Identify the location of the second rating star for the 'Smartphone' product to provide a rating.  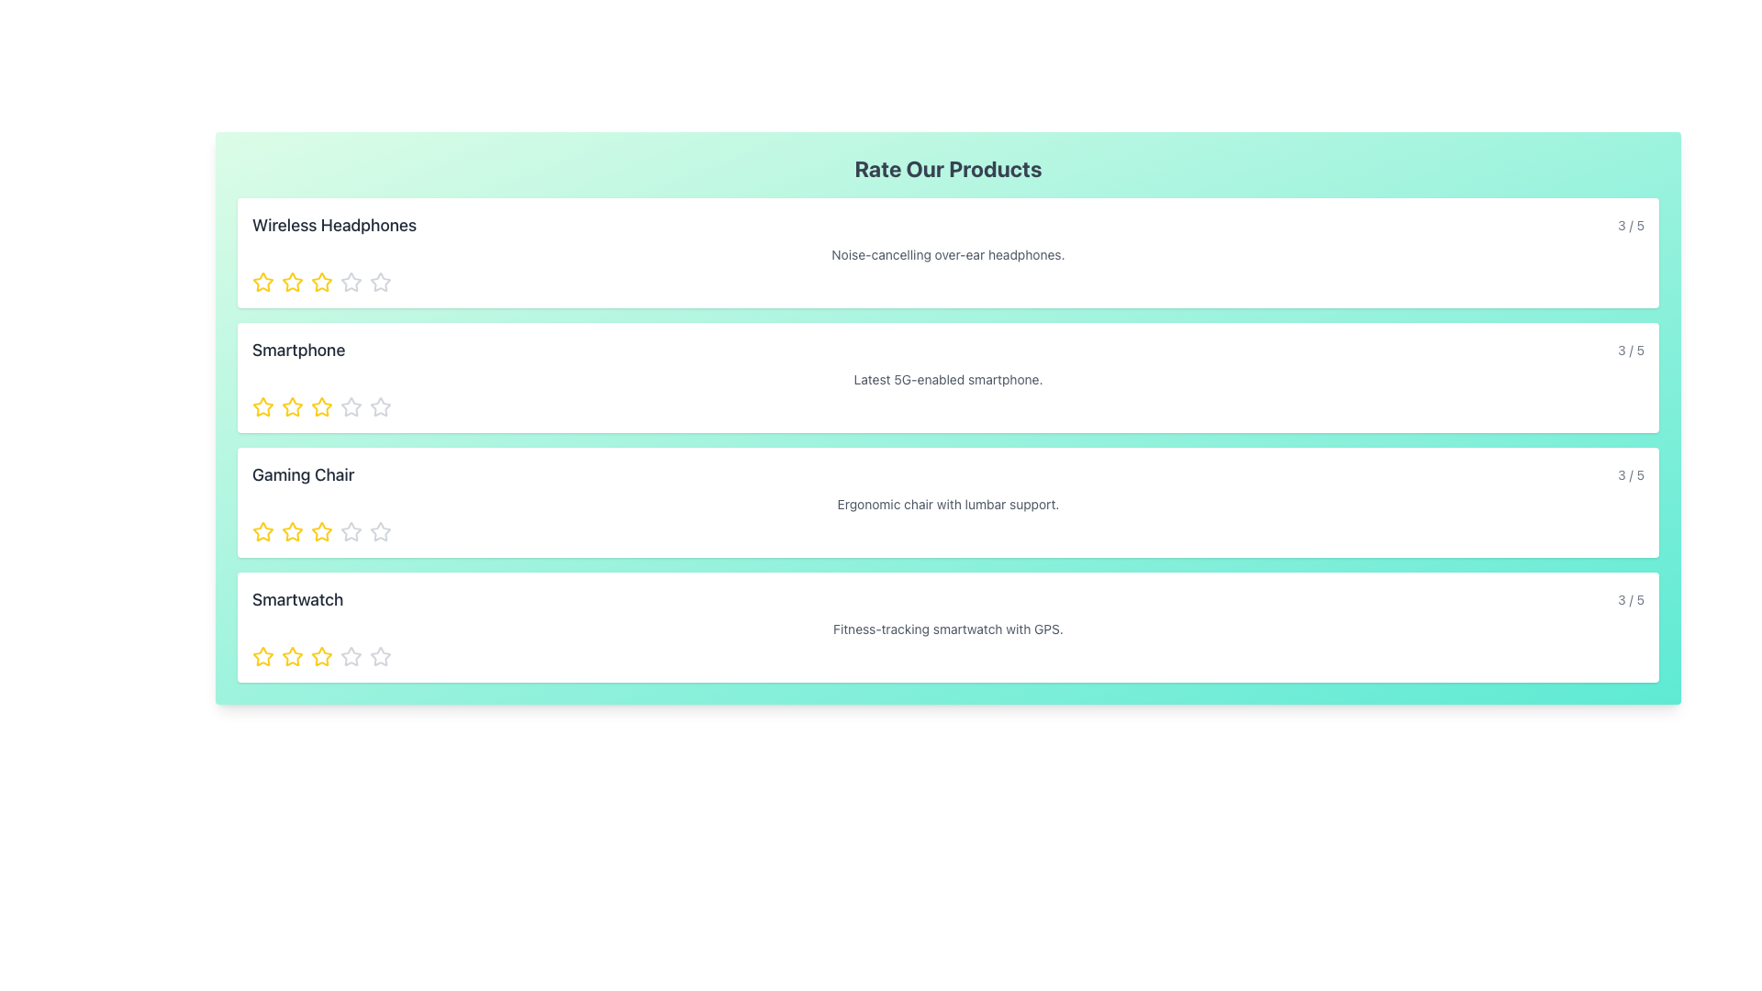
(351, 406).